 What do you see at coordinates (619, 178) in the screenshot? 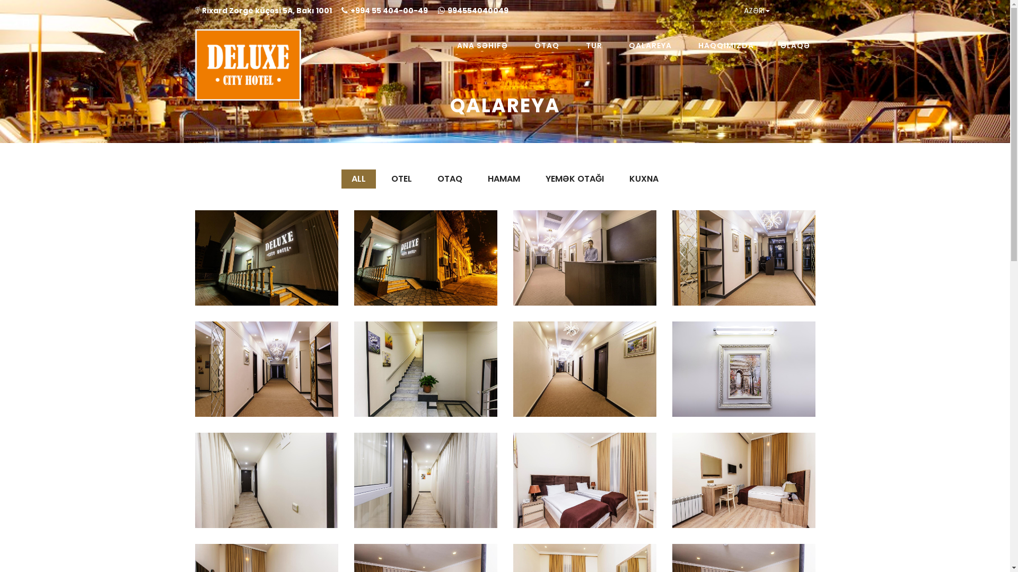
I see `'KUXNA'` at bounding box center [619, 178].